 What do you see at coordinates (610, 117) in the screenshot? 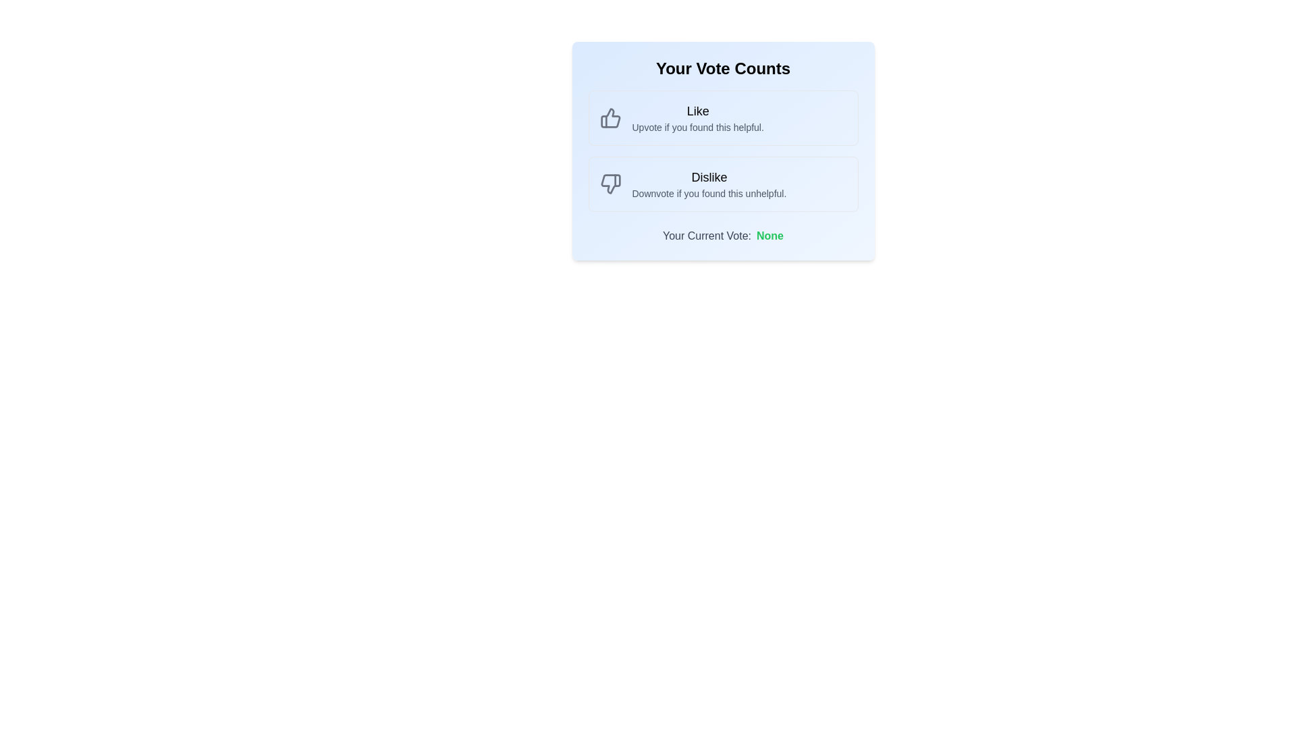
I see `the like/upvote icon located in the 'Your Vote Counts' panel, positioned to the left of the text 'Like Upvote if you found this helpful'` at bounding box center [610, 117].